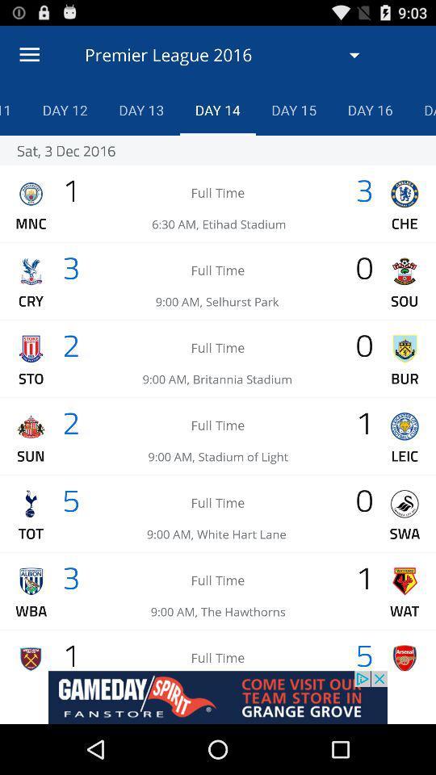 This screenshot has width=436, height=775. What do you see at coordinates (404, 658) in the screenshot?
I see `the bottom right icon` at bounding box center [404, 658].